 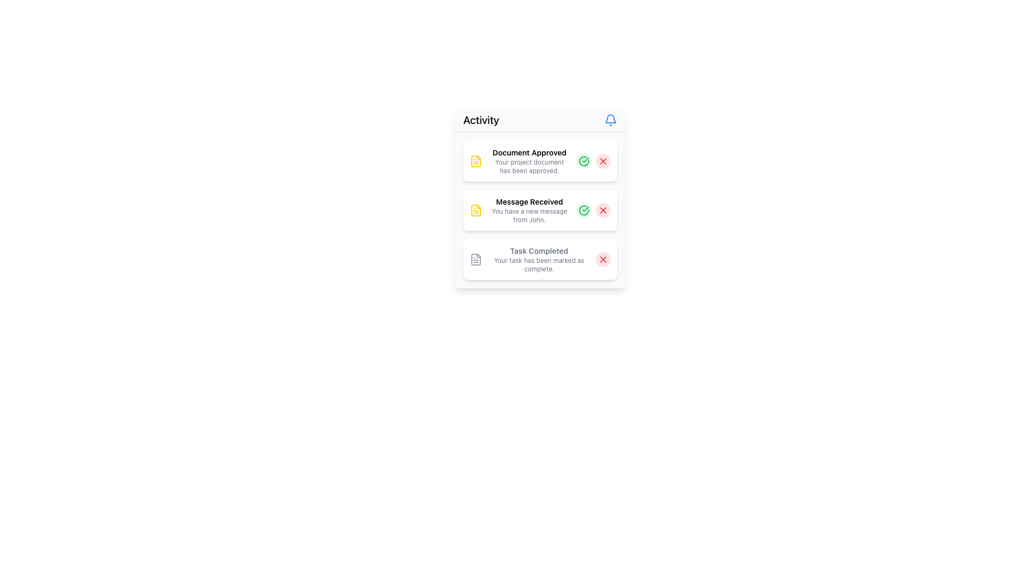 I want to click on the red cross icon in the top-right corner of the 'Message Received' notification entry, so click(x=603, y=210).